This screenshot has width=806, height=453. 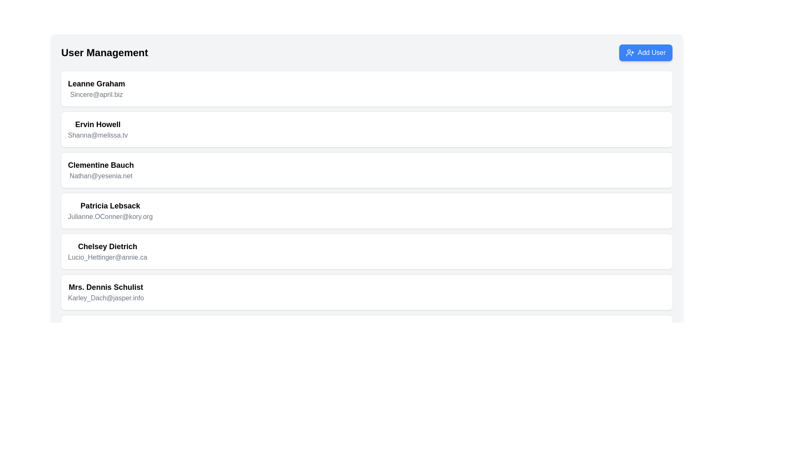 What do you see at coordinates (110, 206) in the screenshot?
I see `the text label displaying 'Patricia Lebsack', which is styled in a larger font and bold, located in the third row of the user management list, above the email 'Julianne.OConner@kory.org' and below 'Clementine Bauch'` at bounding box center [110, 206].